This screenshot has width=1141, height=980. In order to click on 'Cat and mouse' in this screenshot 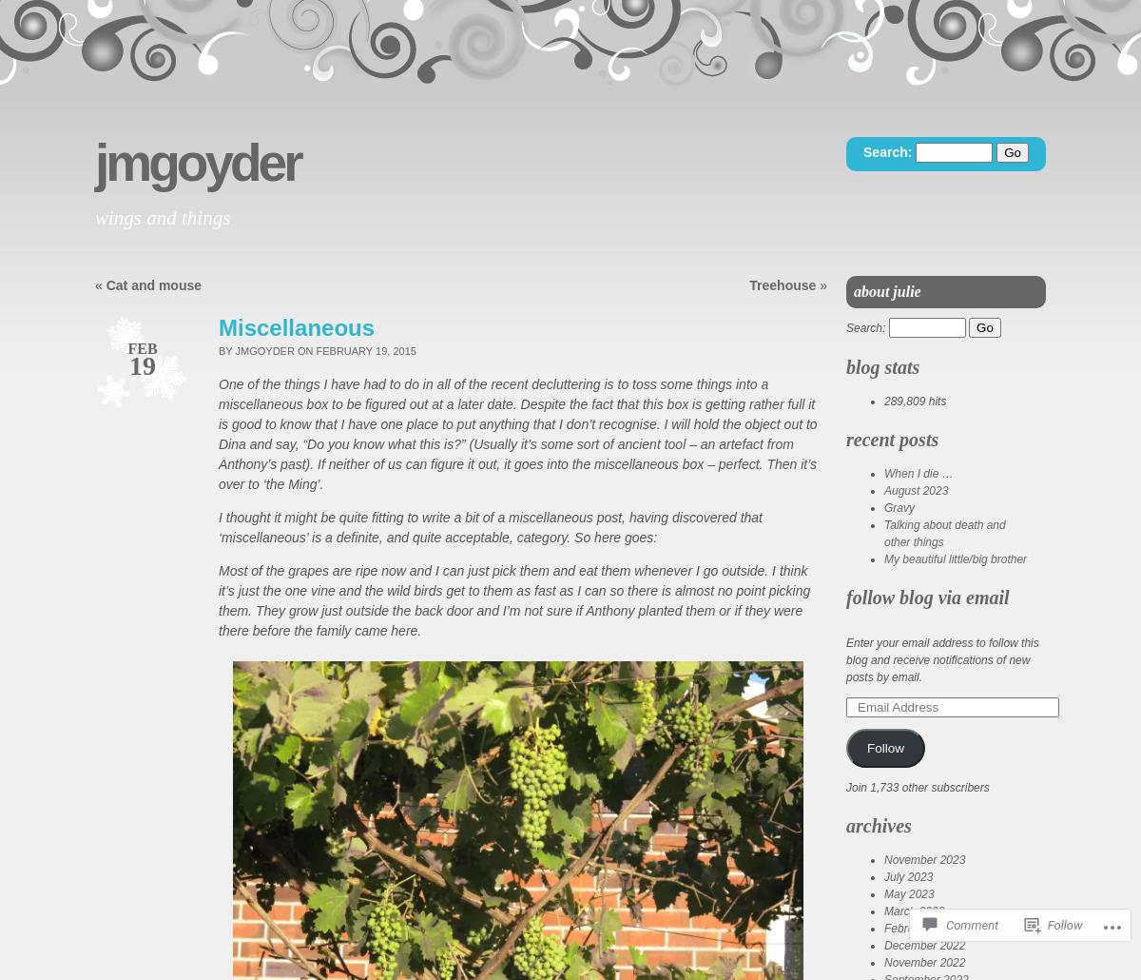, I will do `click(106, 284)`.